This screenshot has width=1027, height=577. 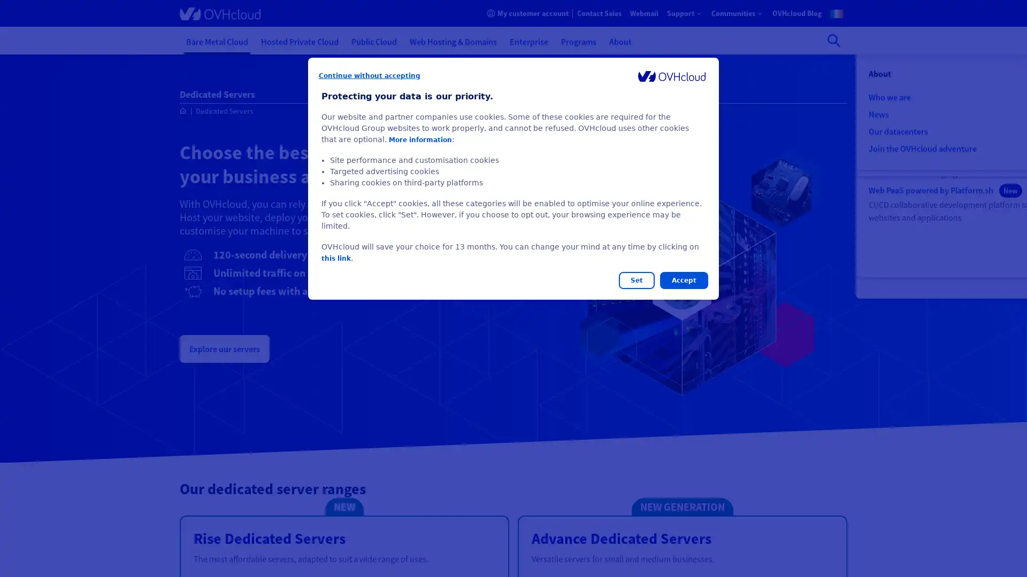 I want to click on Set, so click(x=637, y=279).